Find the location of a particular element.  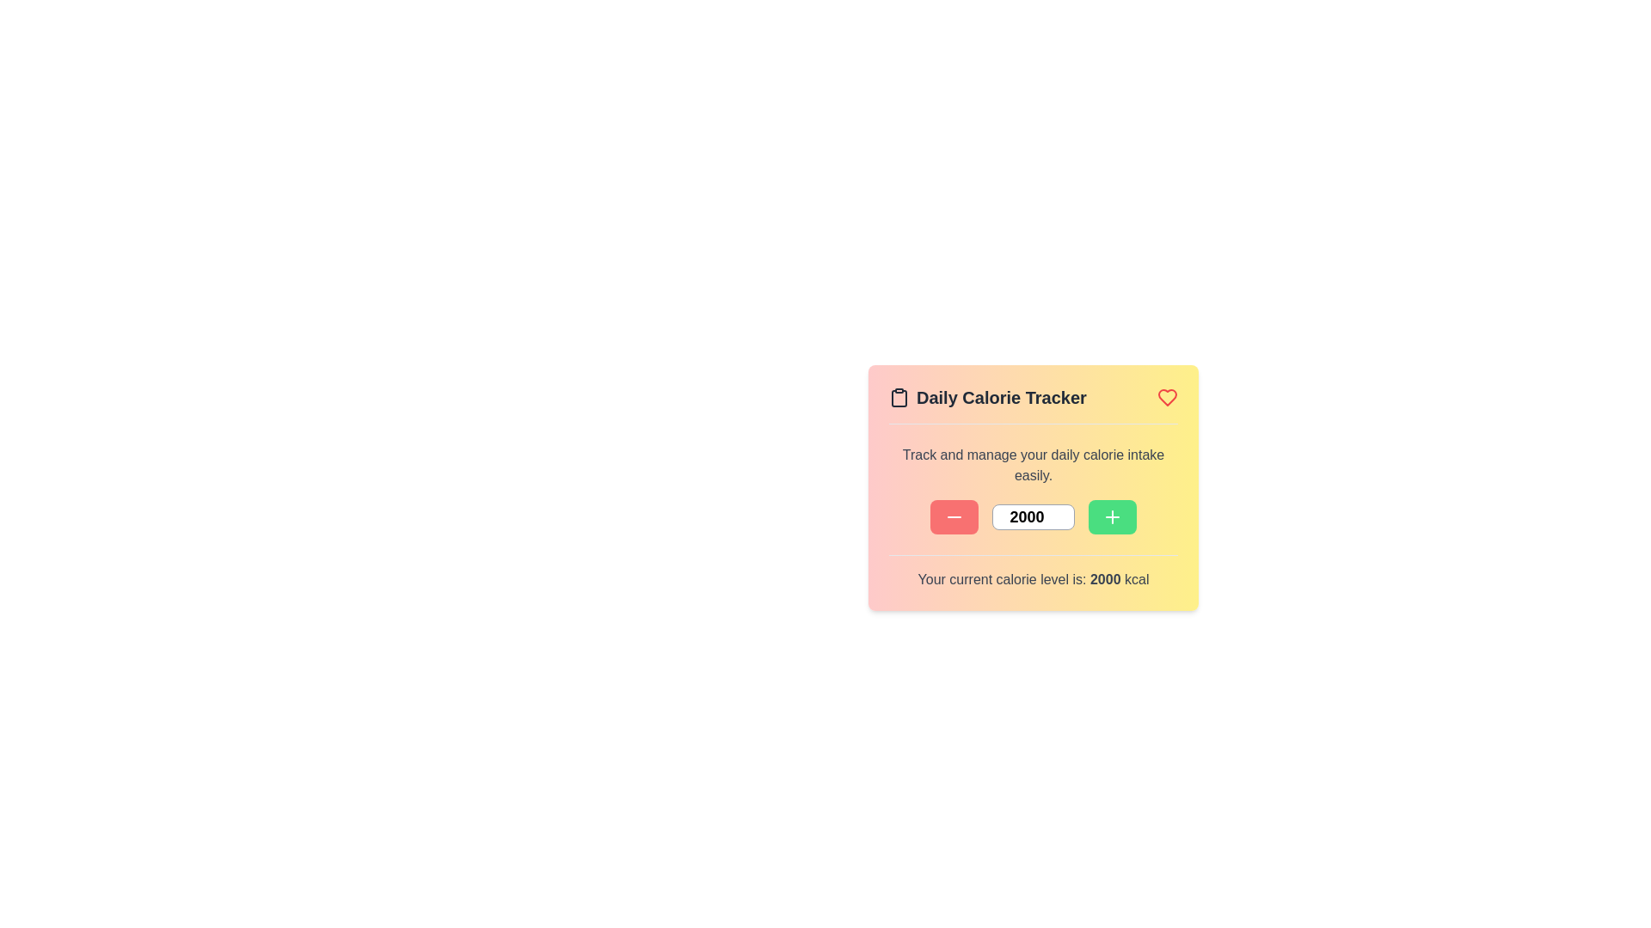

the Text Label that provides a description for the calorie tracker application, located beneath the 'Daily Calorie Tracker' header and above the control buttons is located at coordinates (1032, 490).